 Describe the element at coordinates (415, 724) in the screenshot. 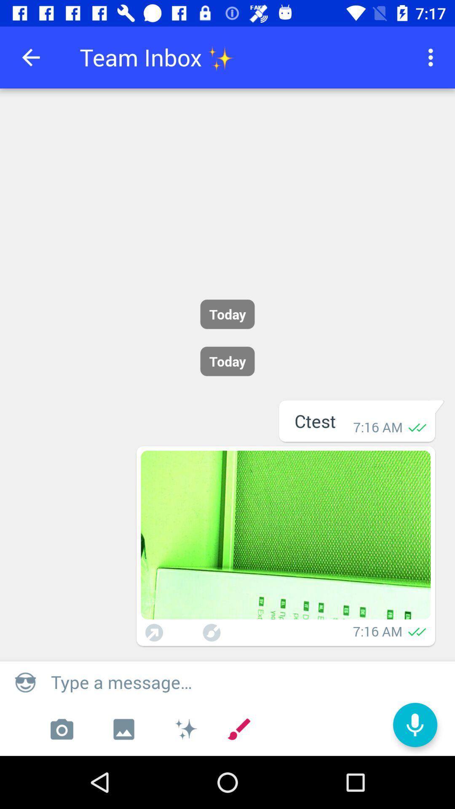

I see `the microphone option` at that location.